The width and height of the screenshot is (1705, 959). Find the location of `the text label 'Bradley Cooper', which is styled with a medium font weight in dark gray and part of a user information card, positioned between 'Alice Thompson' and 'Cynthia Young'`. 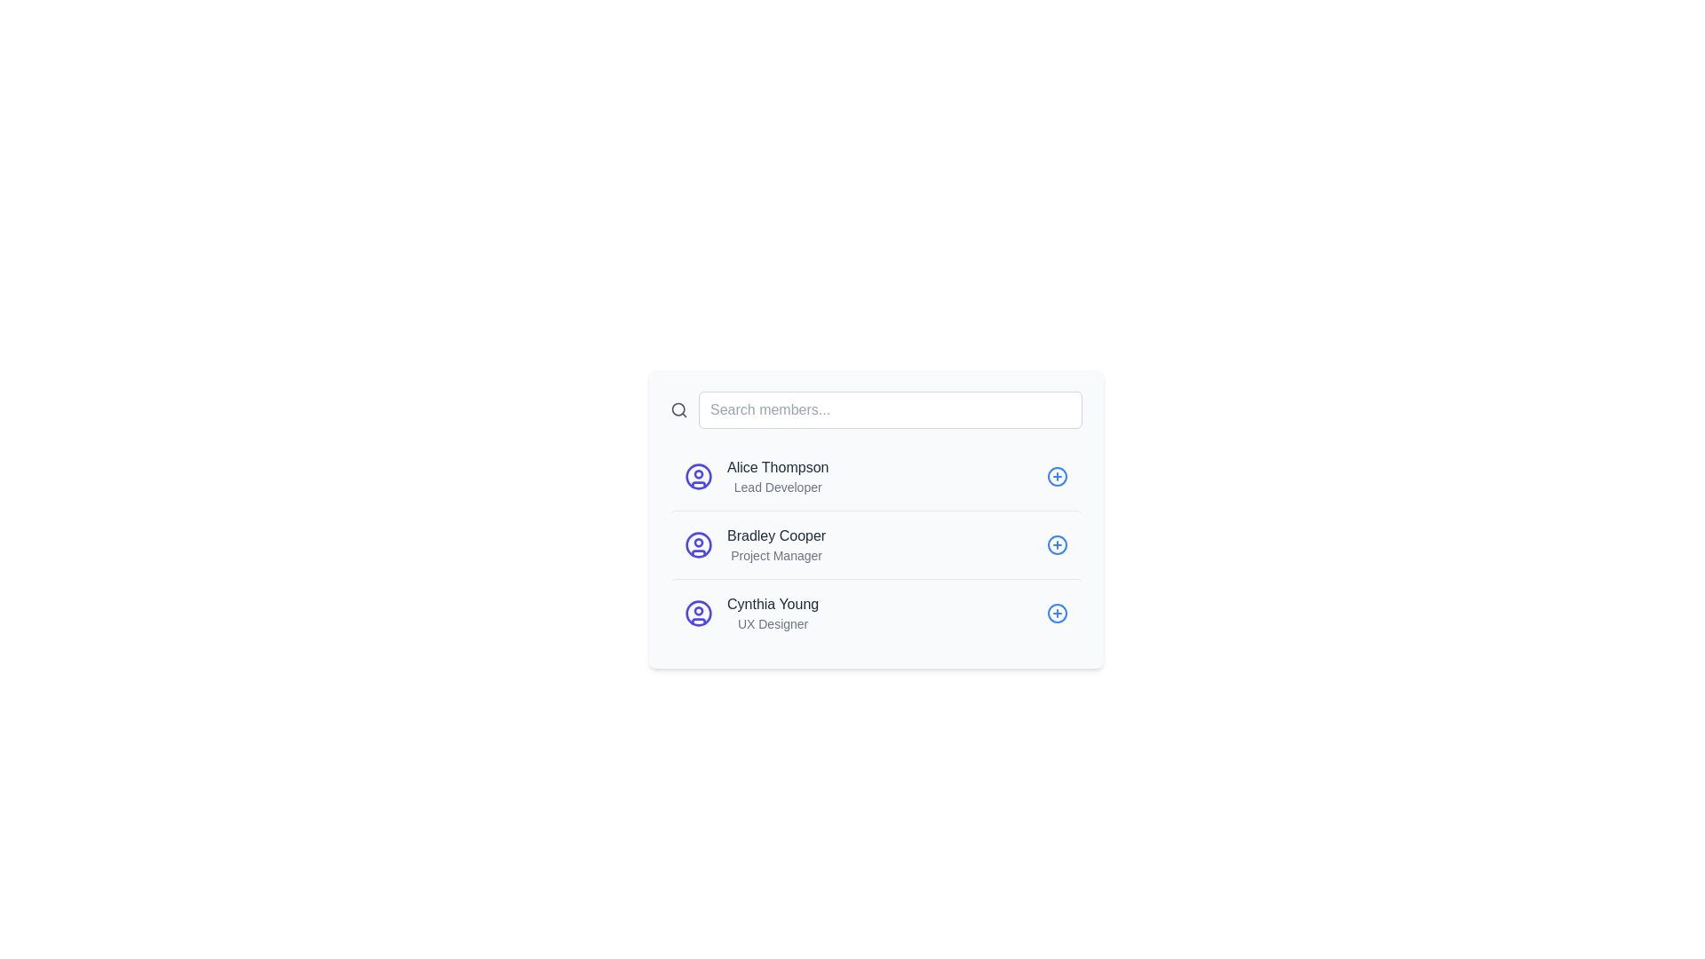

the text label 'Bradley Cooper', which is styled with a medium font weight in dark gray and part of a user information card, positioned between 'Alice Thompson' and 'Cynthia Young' is located at coordinates (776, 535).